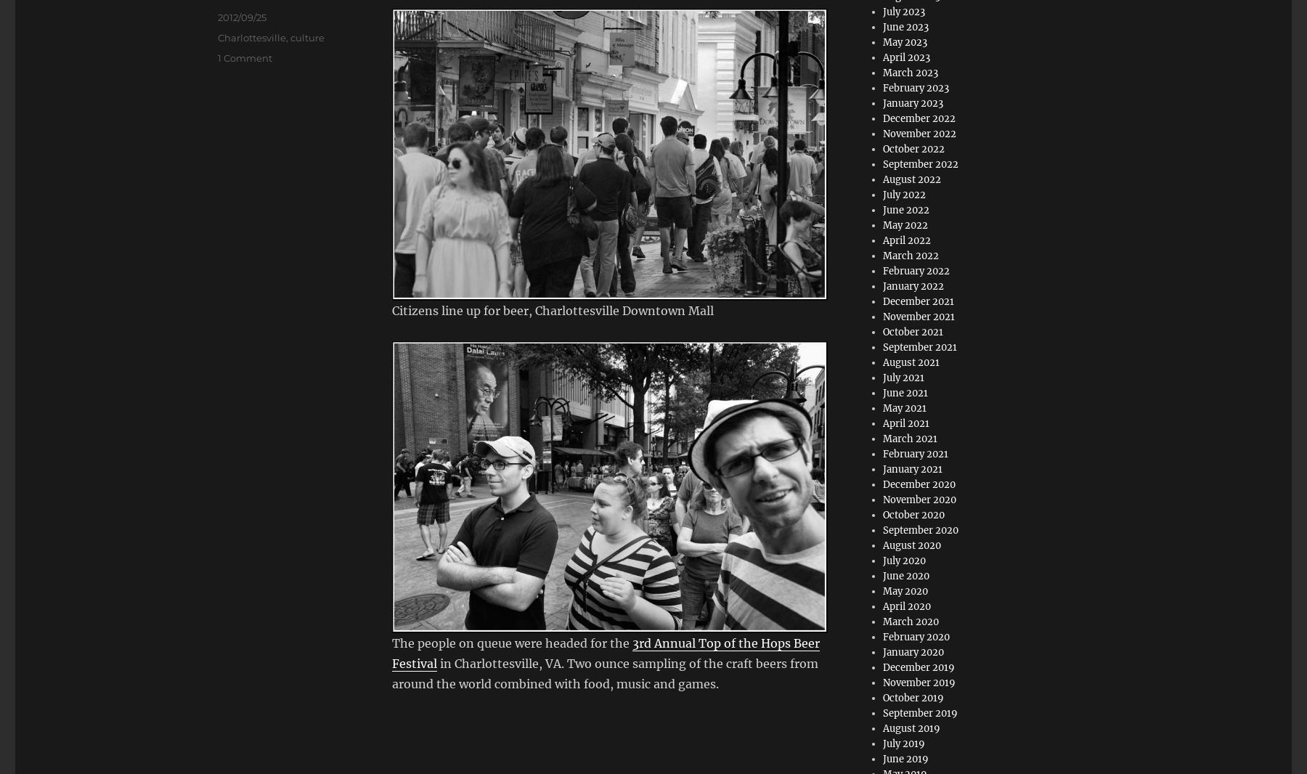 Image resolution: width=1307 pixels, height=774 pixels. Describe the element at coordinates (913, 332) in the screenshot. I see `'October 2021'` at that location.